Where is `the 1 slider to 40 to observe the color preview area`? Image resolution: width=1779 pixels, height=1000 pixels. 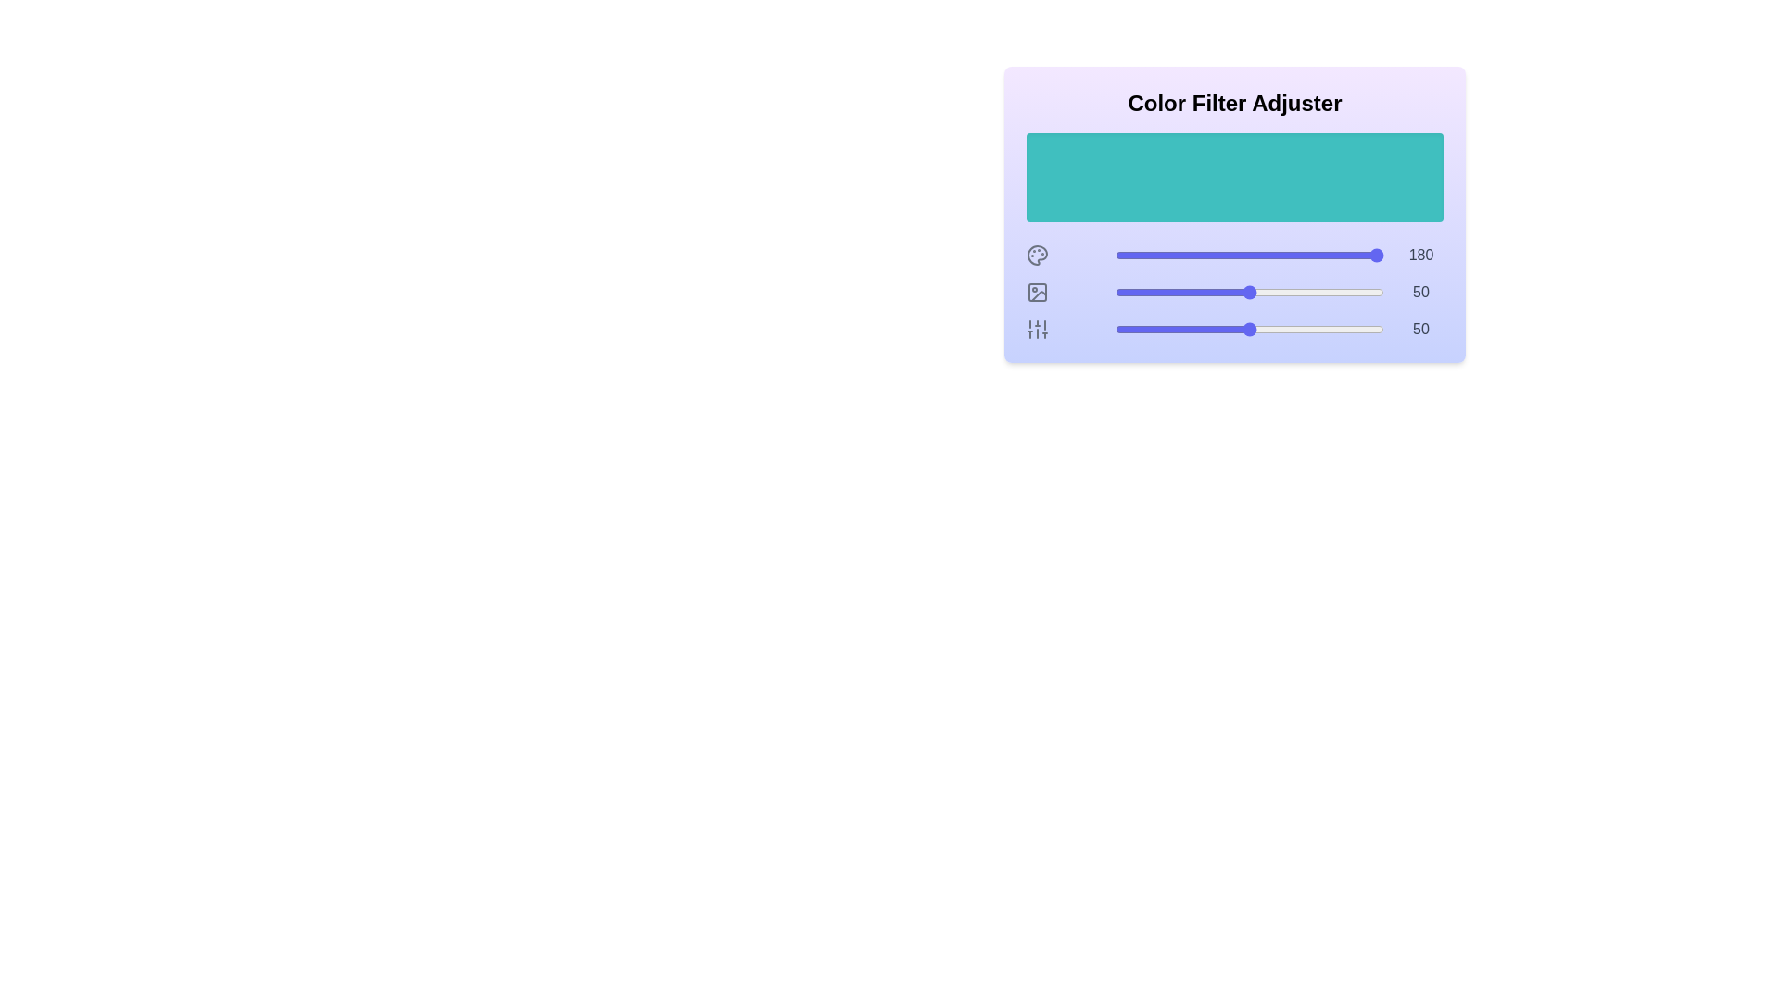 the 1 slider to 40 to observe the color preview area is located at coordinates (1223, 292).